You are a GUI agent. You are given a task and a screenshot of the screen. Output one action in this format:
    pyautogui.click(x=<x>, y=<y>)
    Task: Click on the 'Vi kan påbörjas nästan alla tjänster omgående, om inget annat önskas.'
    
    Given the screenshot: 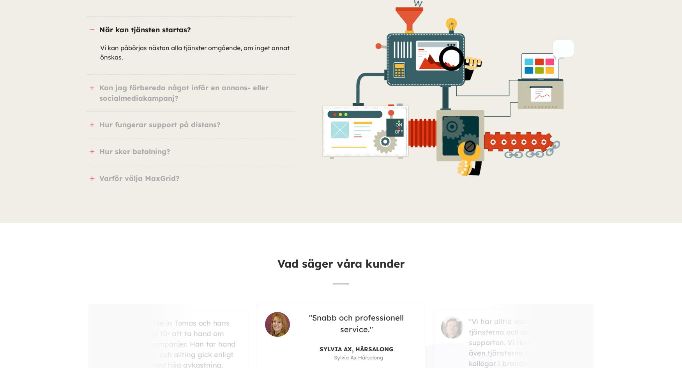 What is the action you would take?
    pyautogui.click(x=194, y=52)
    